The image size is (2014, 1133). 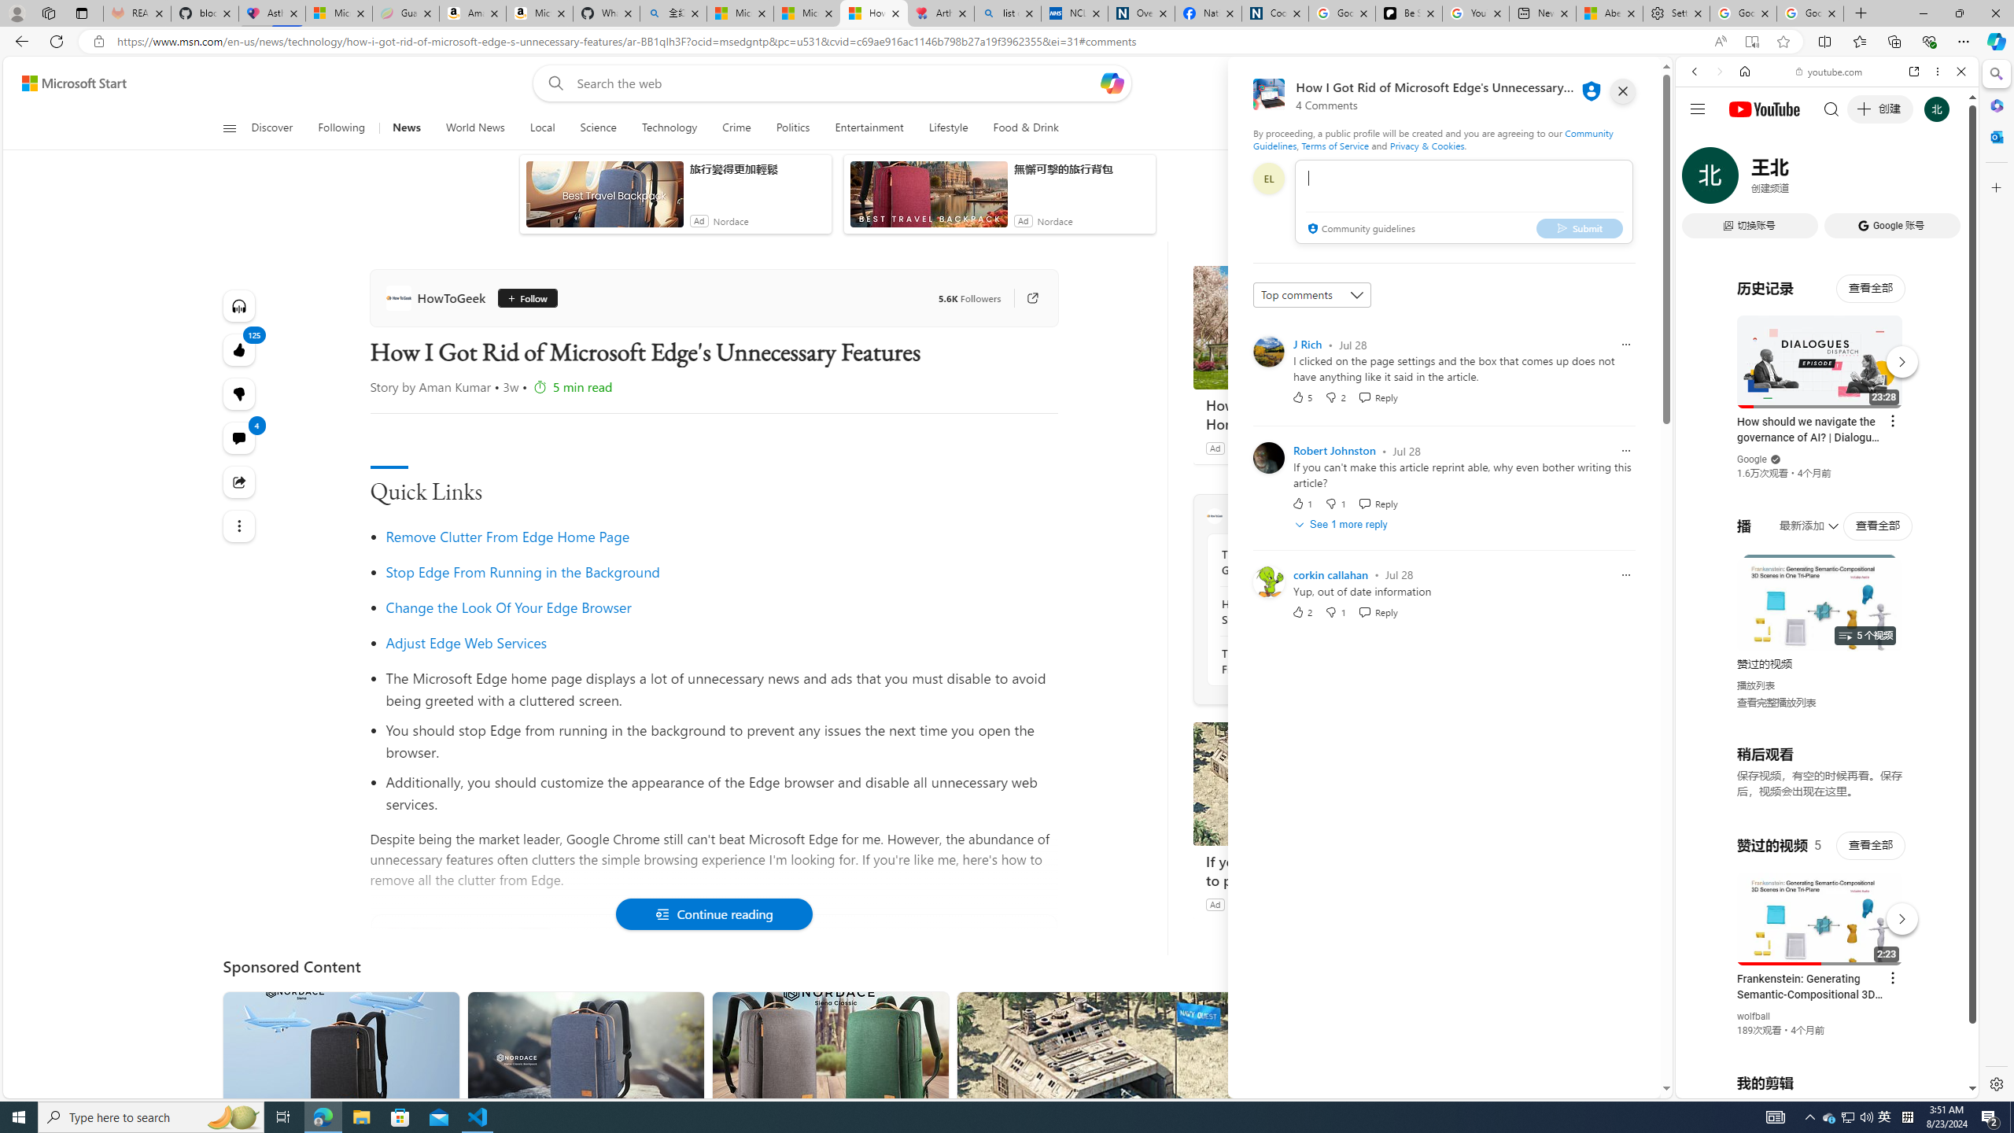 What do you see at coordinates (80, 13) in the screenshot?
I see `'Tab actions menu'` at bounding box center [80, 13].